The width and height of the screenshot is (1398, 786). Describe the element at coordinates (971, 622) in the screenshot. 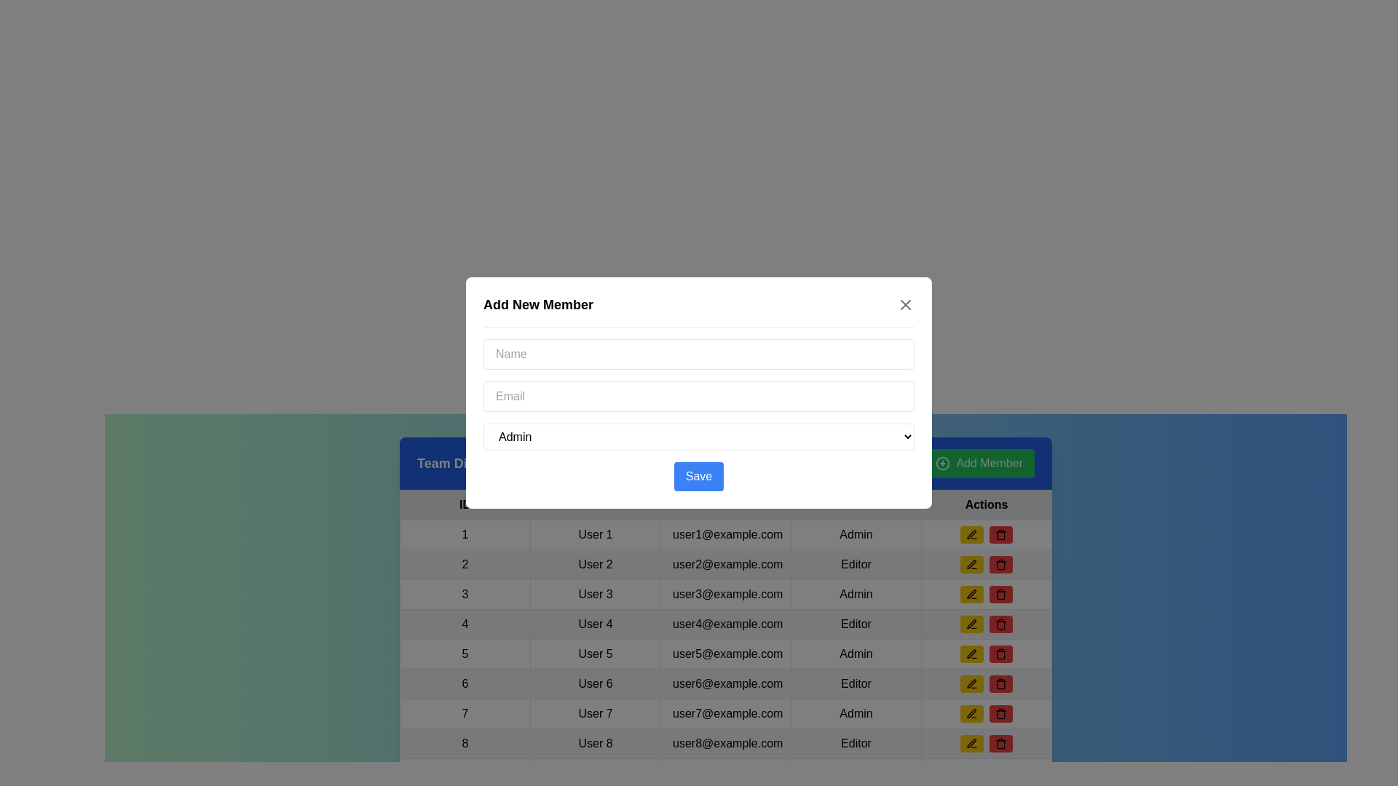

I see `the pen icon in the action column of the fourth user entry in the interactive table` at that location.